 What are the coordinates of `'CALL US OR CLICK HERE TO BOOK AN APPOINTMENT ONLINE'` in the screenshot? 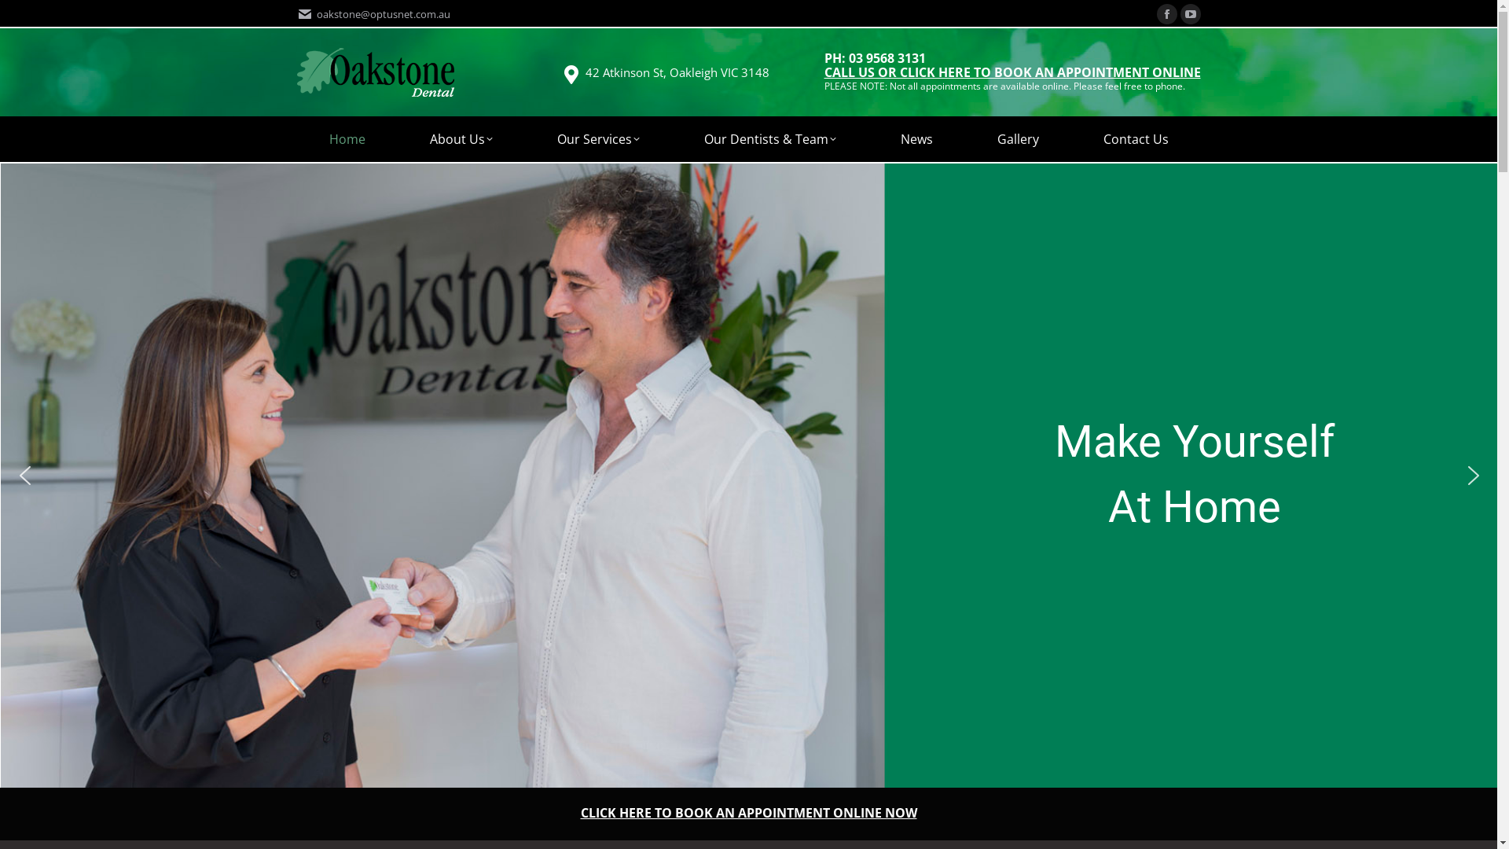 It's located at (1012, 73).